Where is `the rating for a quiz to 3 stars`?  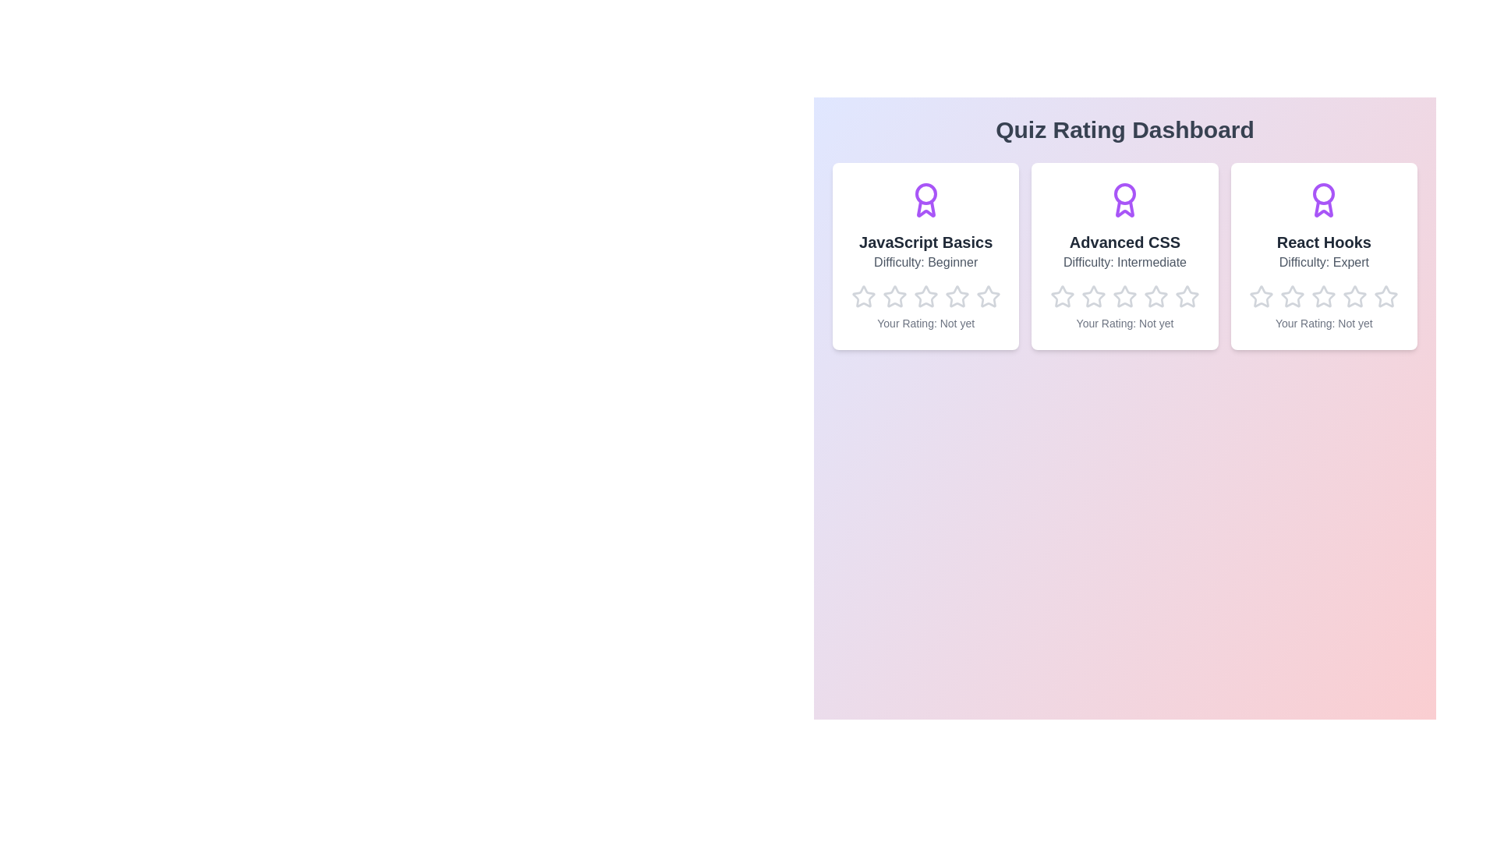
the rating for a quiz to 3 stars is located at coordinates (925, 297).